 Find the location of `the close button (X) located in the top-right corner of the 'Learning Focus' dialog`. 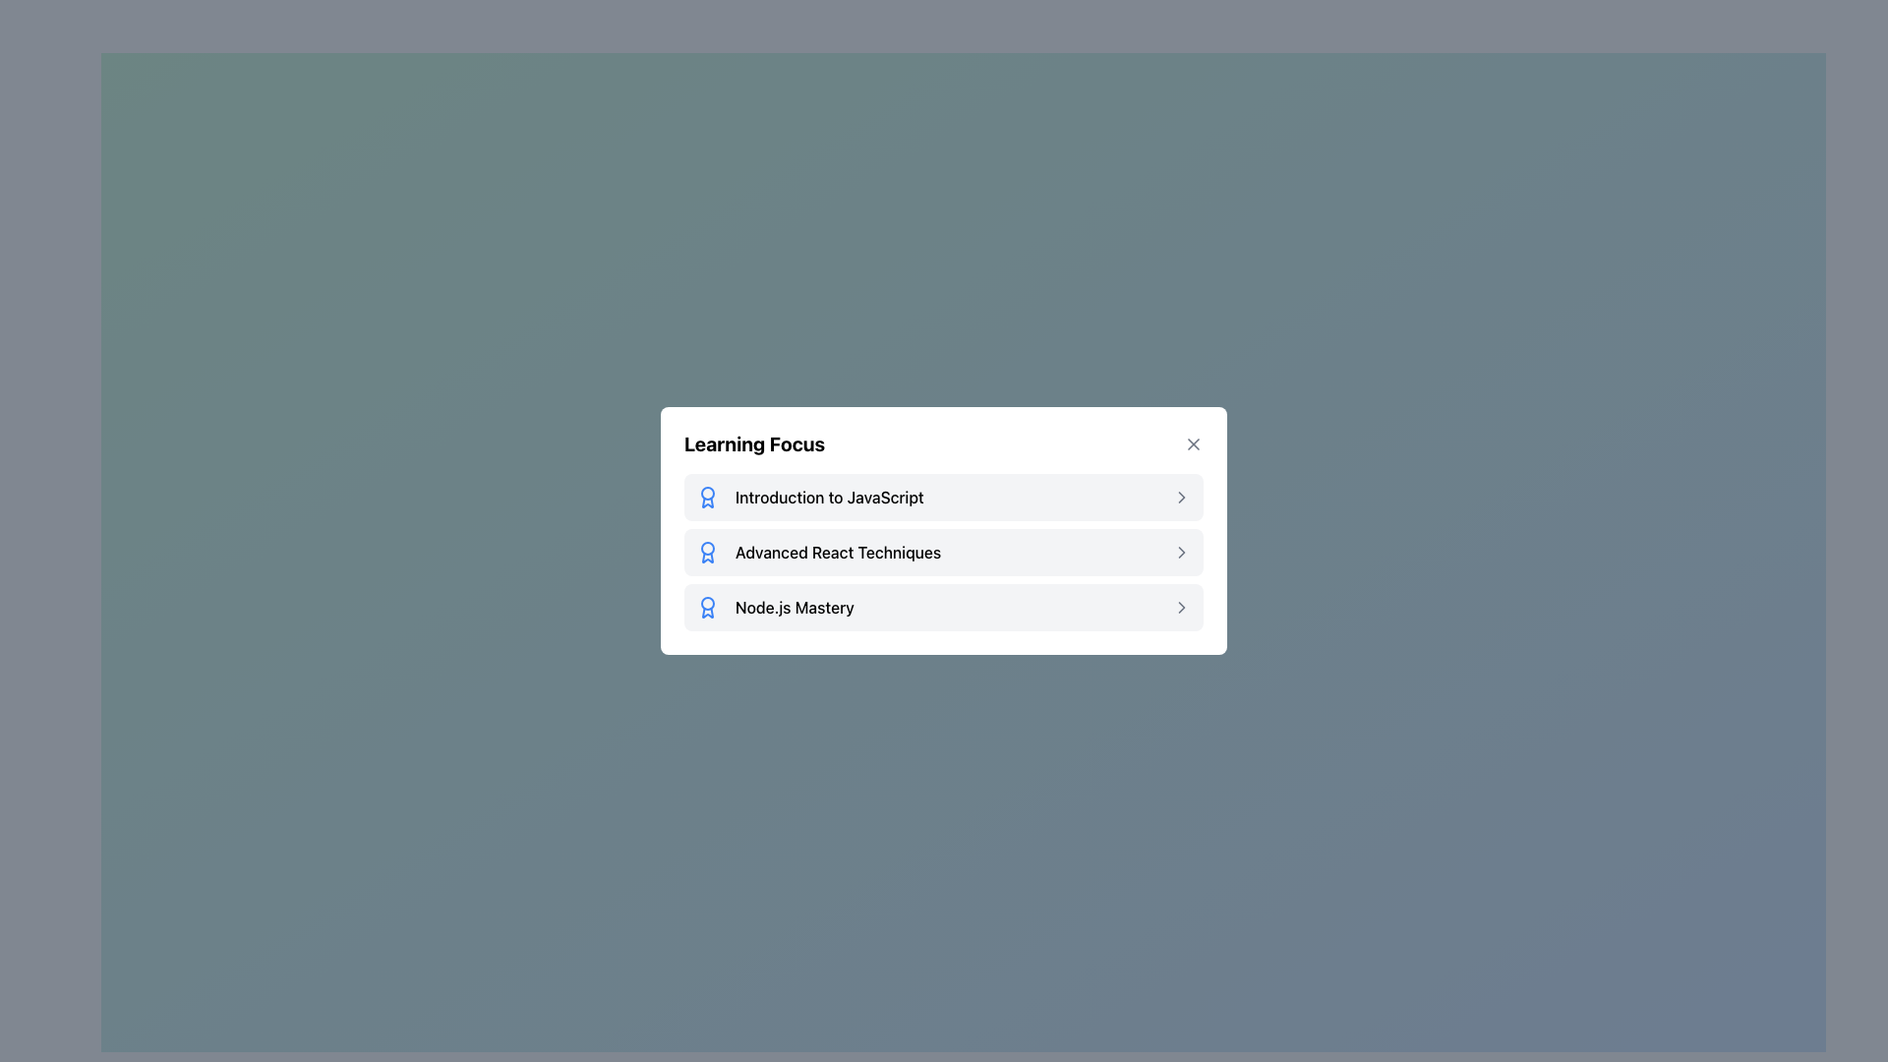

the close button (X) located in the top-right corner of the 'Learning Focus' dialog is located at coordinates (1193, 443).